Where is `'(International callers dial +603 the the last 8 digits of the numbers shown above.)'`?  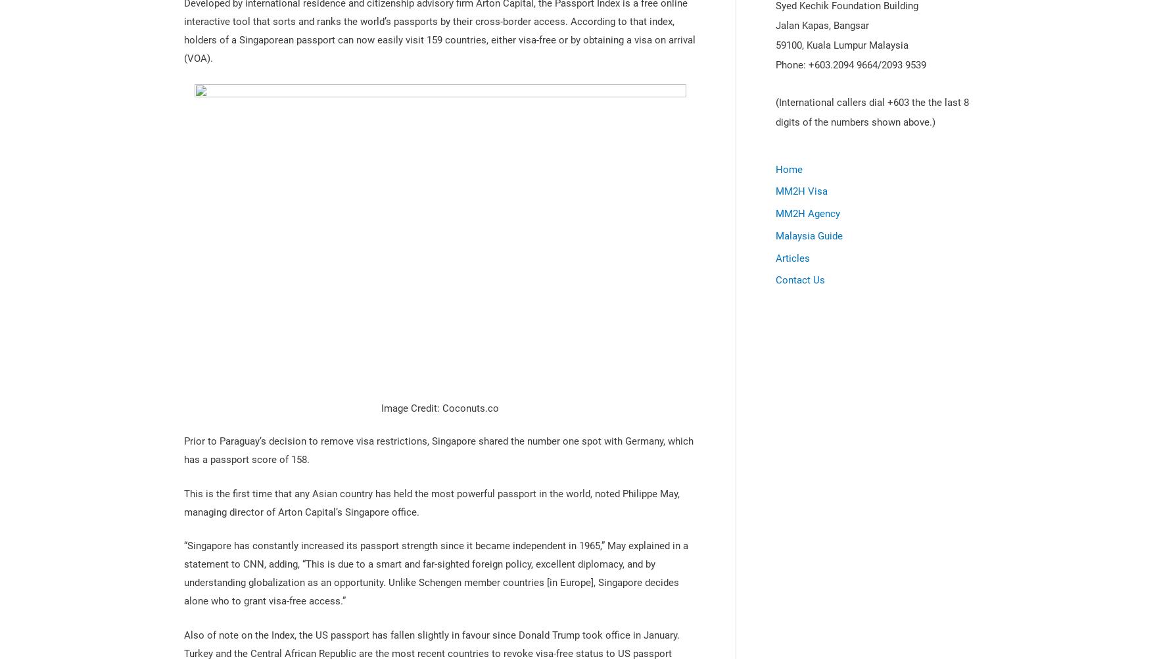 '(International callers dial +603 the the last 8 digits of the numbers shown above.)' is located at coordinates (872, 112).